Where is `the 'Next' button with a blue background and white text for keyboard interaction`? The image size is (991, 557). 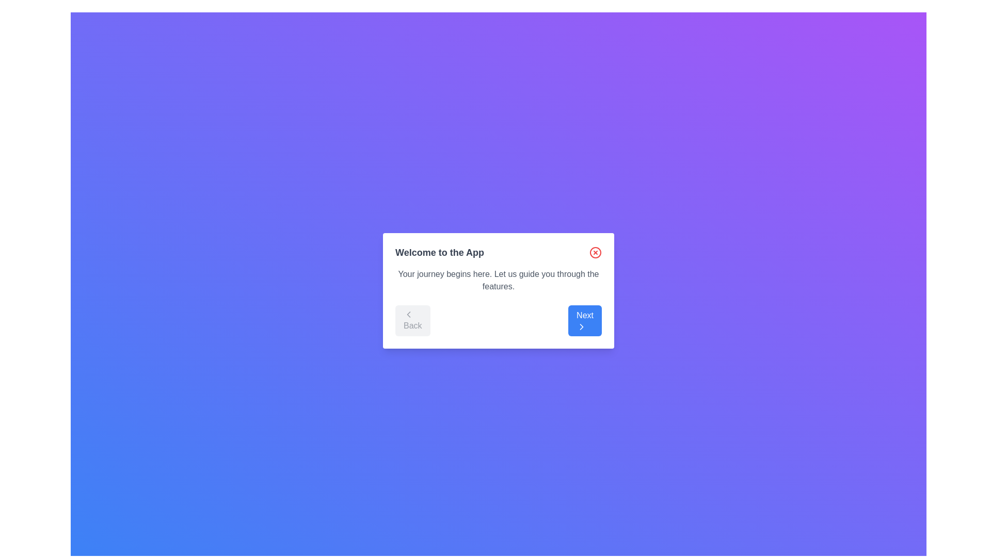
the 'Next' button with a blue background and white text for keyboard interaction is located at coordinates (585, 320).